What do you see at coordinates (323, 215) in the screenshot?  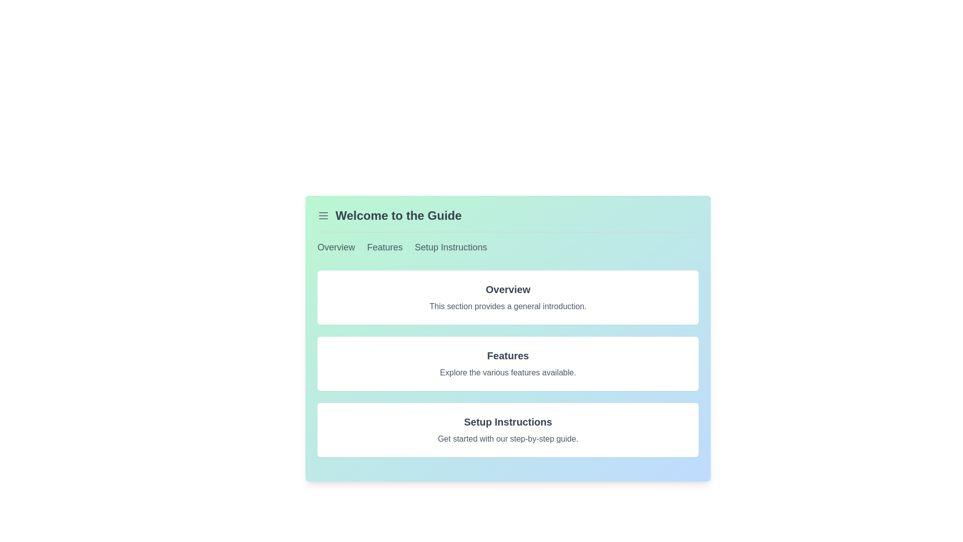 I see `the hamburger menu icon, which is styled with three horizontal gray lines and located at the top-left corner of the card section` at bounding box center [323, 215].